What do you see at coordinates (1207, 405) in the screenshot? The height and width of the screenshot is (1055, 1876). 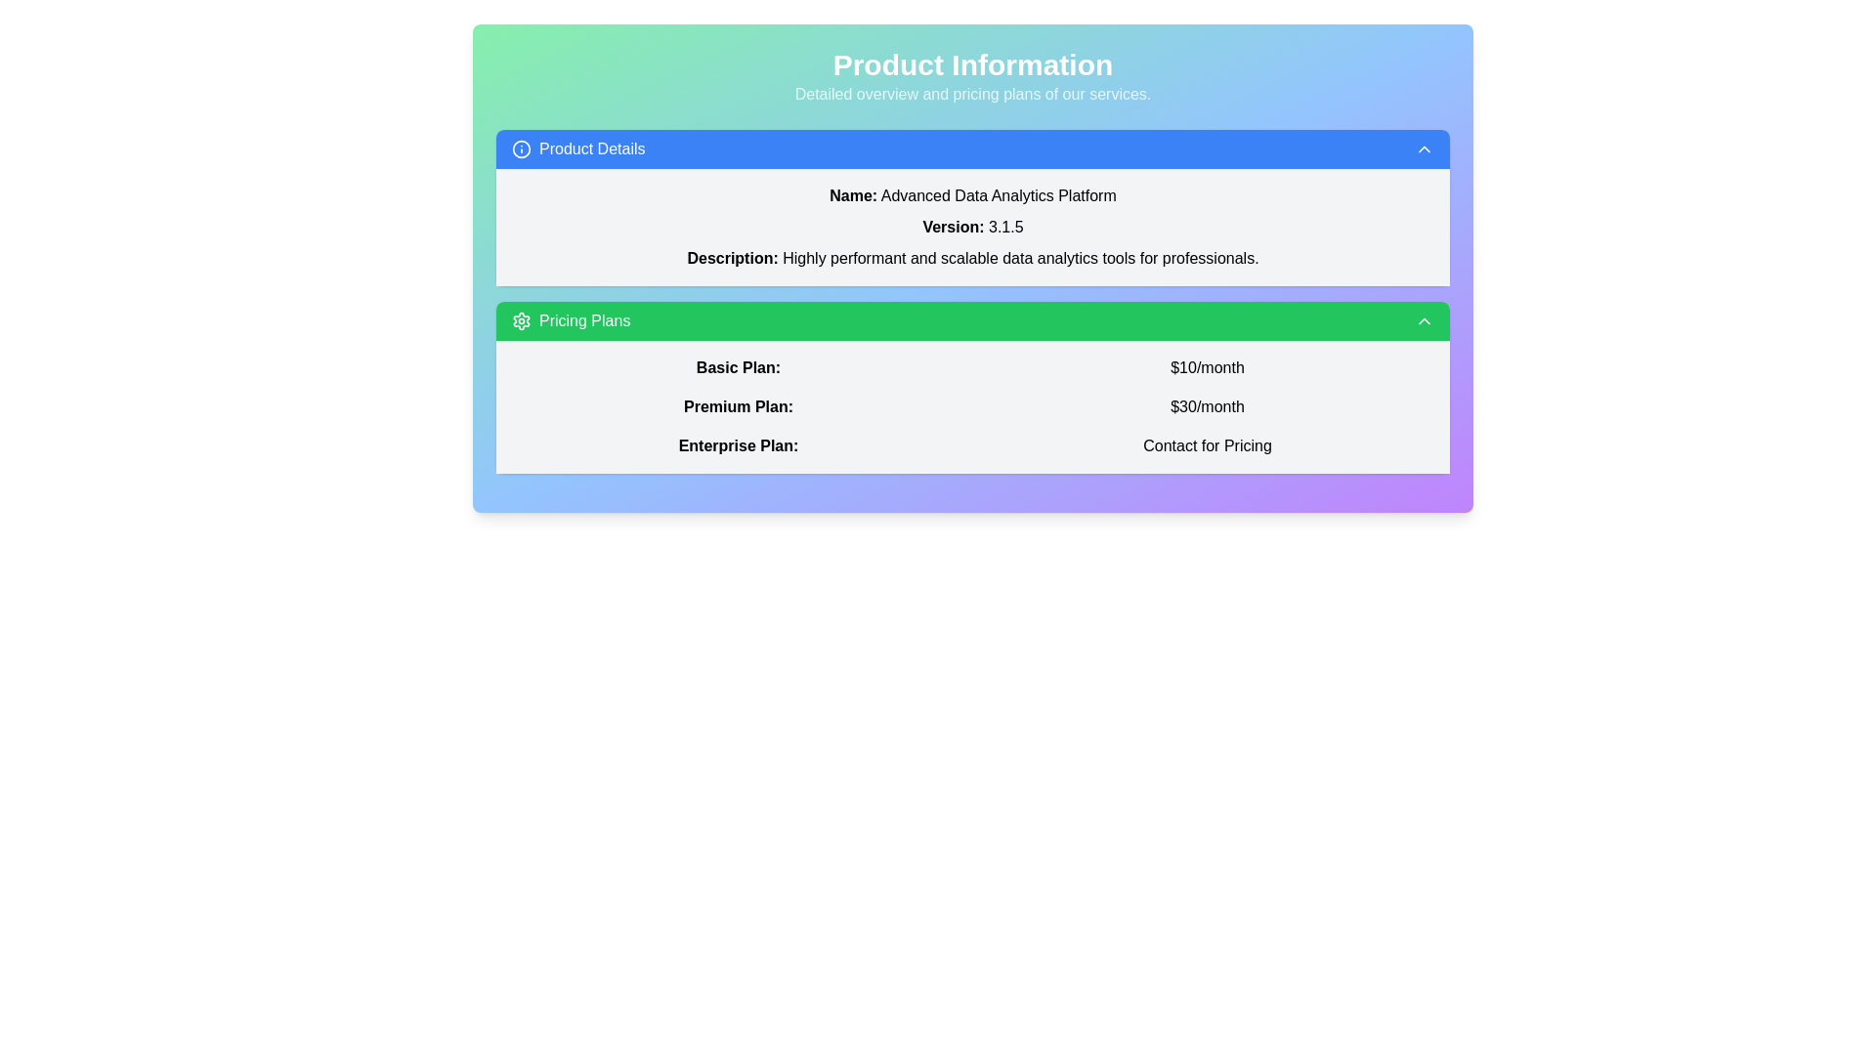 I see `informational text regarding the monthly cost of the Premium Plan, which is located to the right of the 'Premium Plan:' label in the pricing table` at bounding box center [1207, 405].